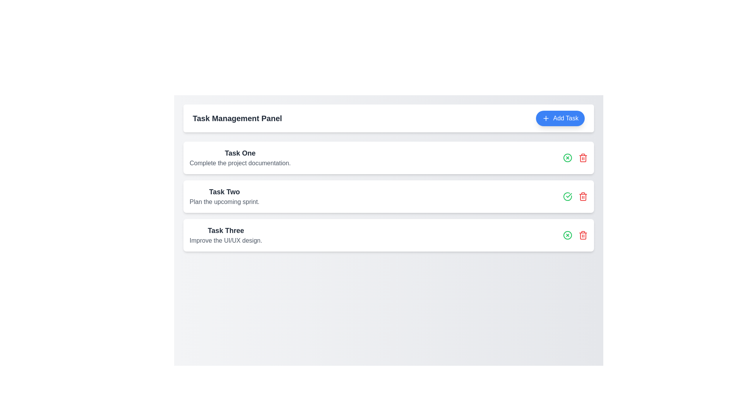 This screenshot has width=743, height=418. What do you see at coordinates (568, 196) in the screenshot?
I see `the green circular confirmation button with a white checkmark located on the right side of 'Task Two'` at bounding box center [568, 196].